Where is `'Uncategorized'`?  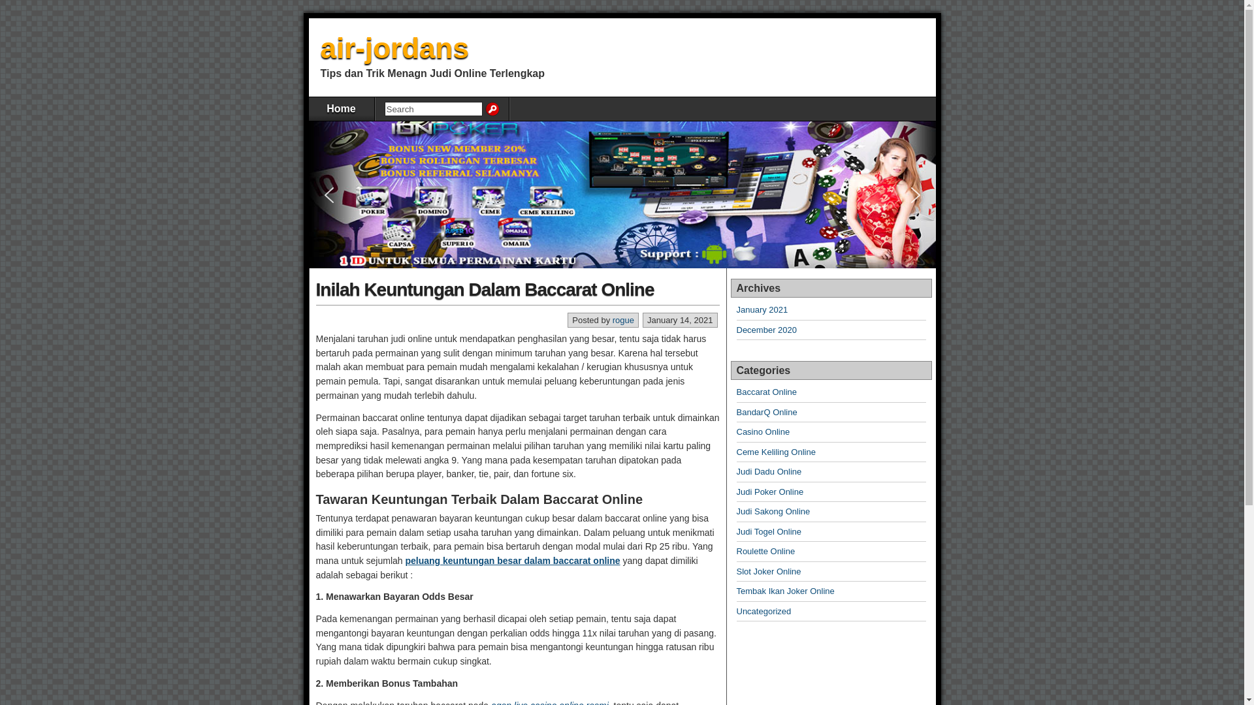
'Uncategorized' is located at coordinates (764, 611).